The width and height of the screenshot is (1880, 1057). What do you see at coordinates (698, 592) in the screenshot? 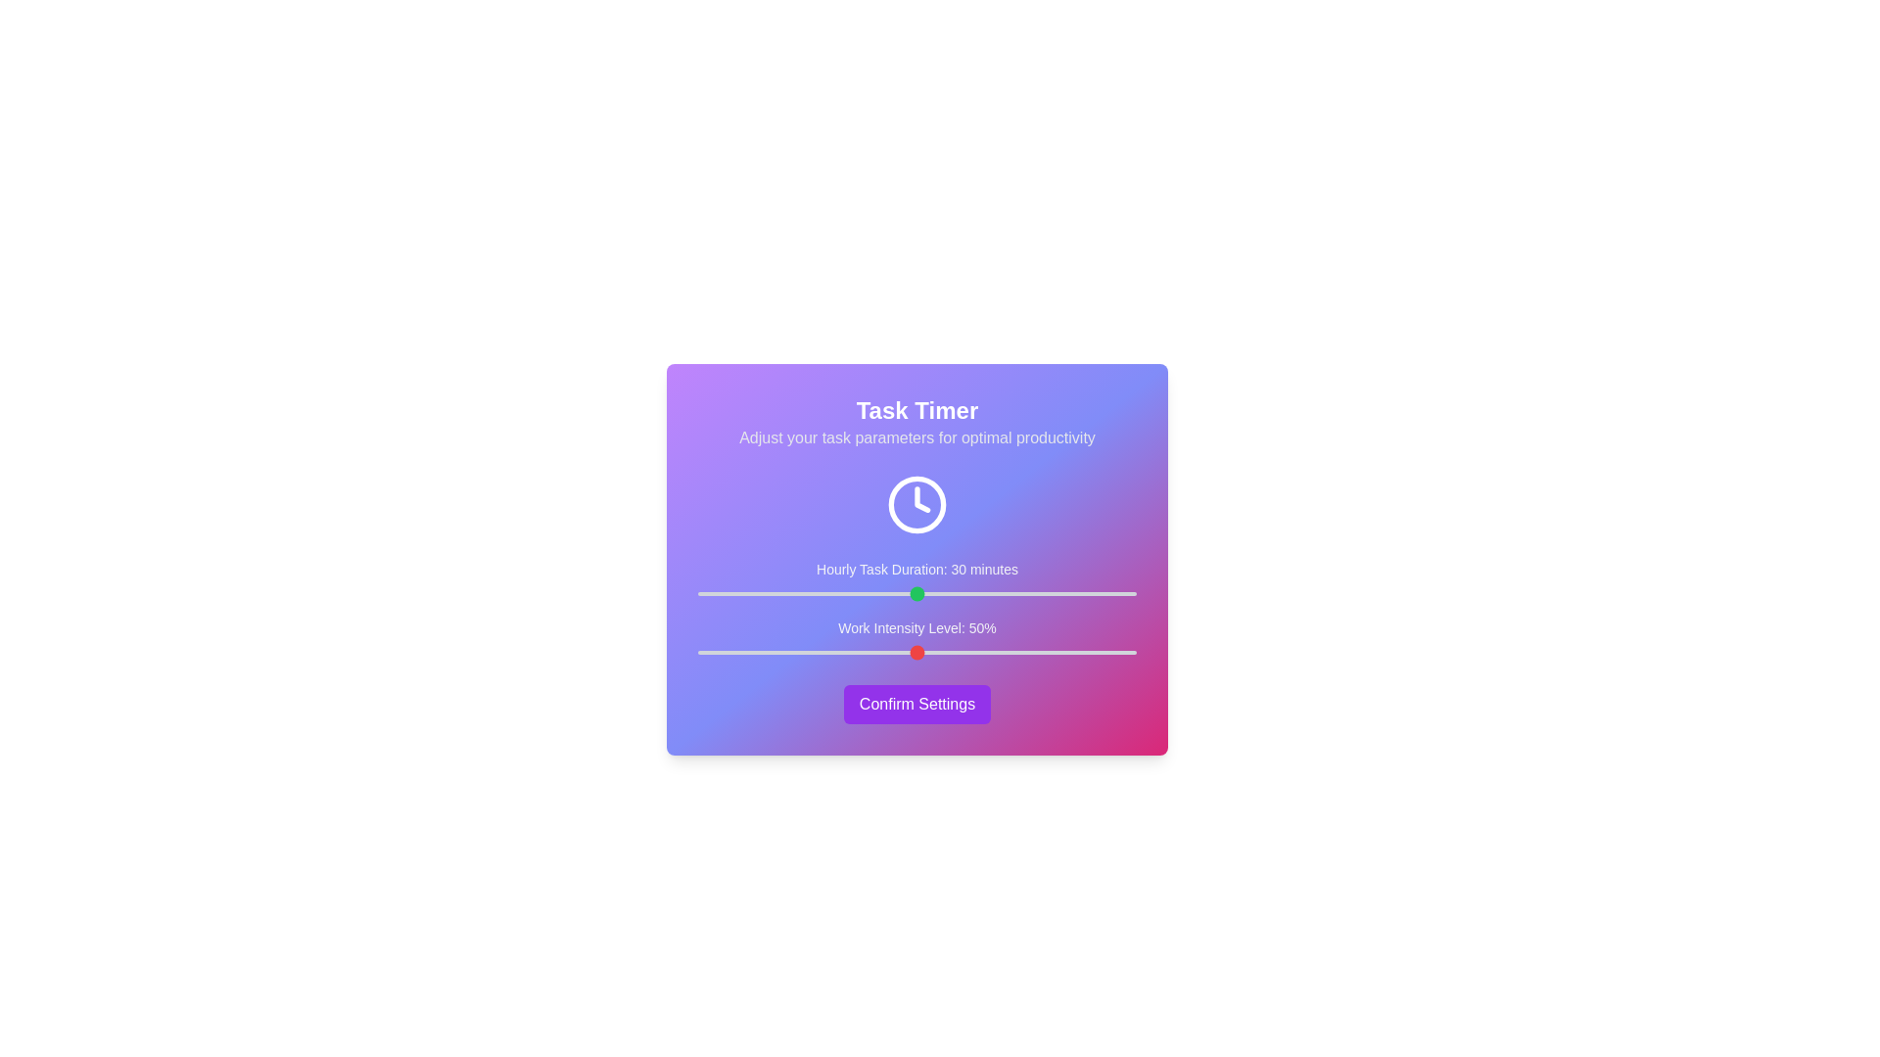
I see `the 'Hourly Task Duration' slider to 0 minutes` at bounding box center [698, 592].